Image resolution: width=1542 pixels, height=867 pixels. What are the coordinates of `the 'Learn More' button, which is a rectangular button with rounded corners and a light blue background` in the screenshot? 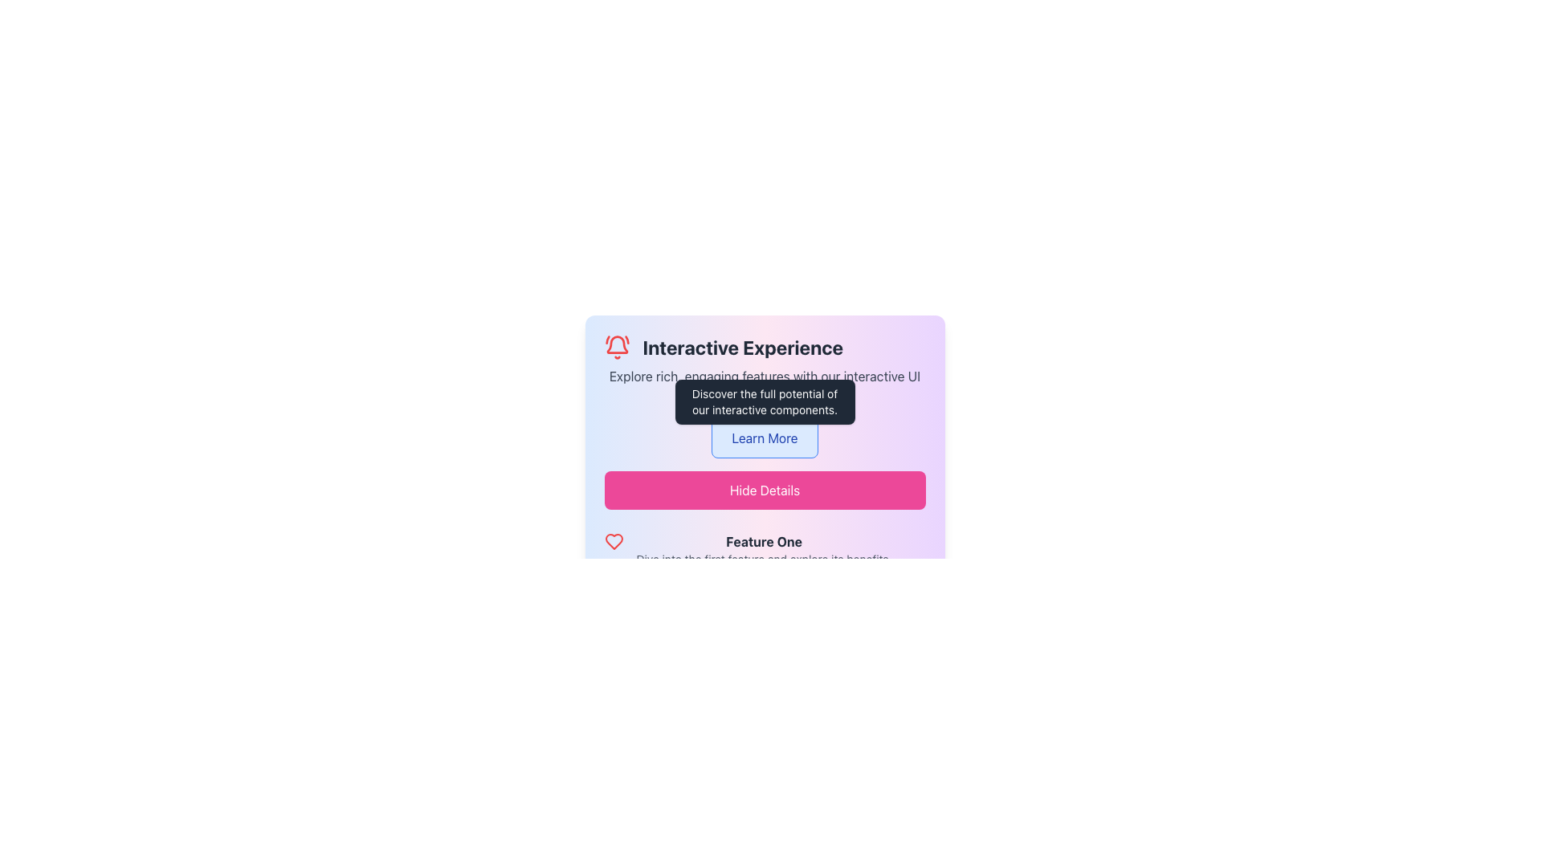 It's located at (764, 438).